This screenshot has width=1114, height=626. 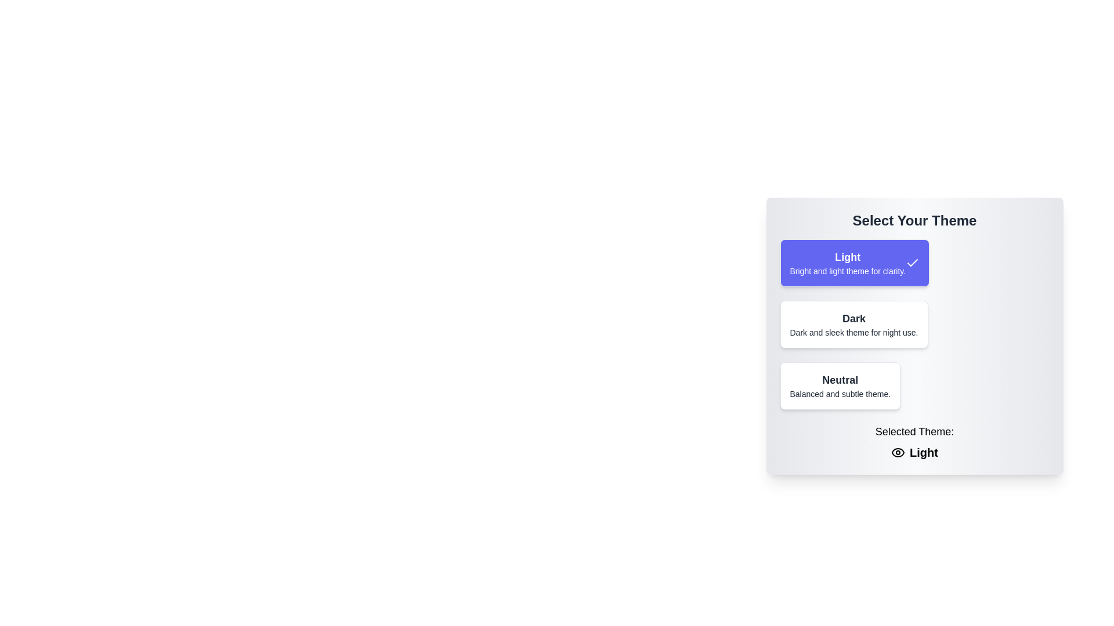 What do you see at coordinates (914, 442) in the screenshot?
I see `the static text display with the label 'Selected Theme: Light' and an adjacent eye icon, located at the bottom of the theme selection card` at bounding box center [914, 442].